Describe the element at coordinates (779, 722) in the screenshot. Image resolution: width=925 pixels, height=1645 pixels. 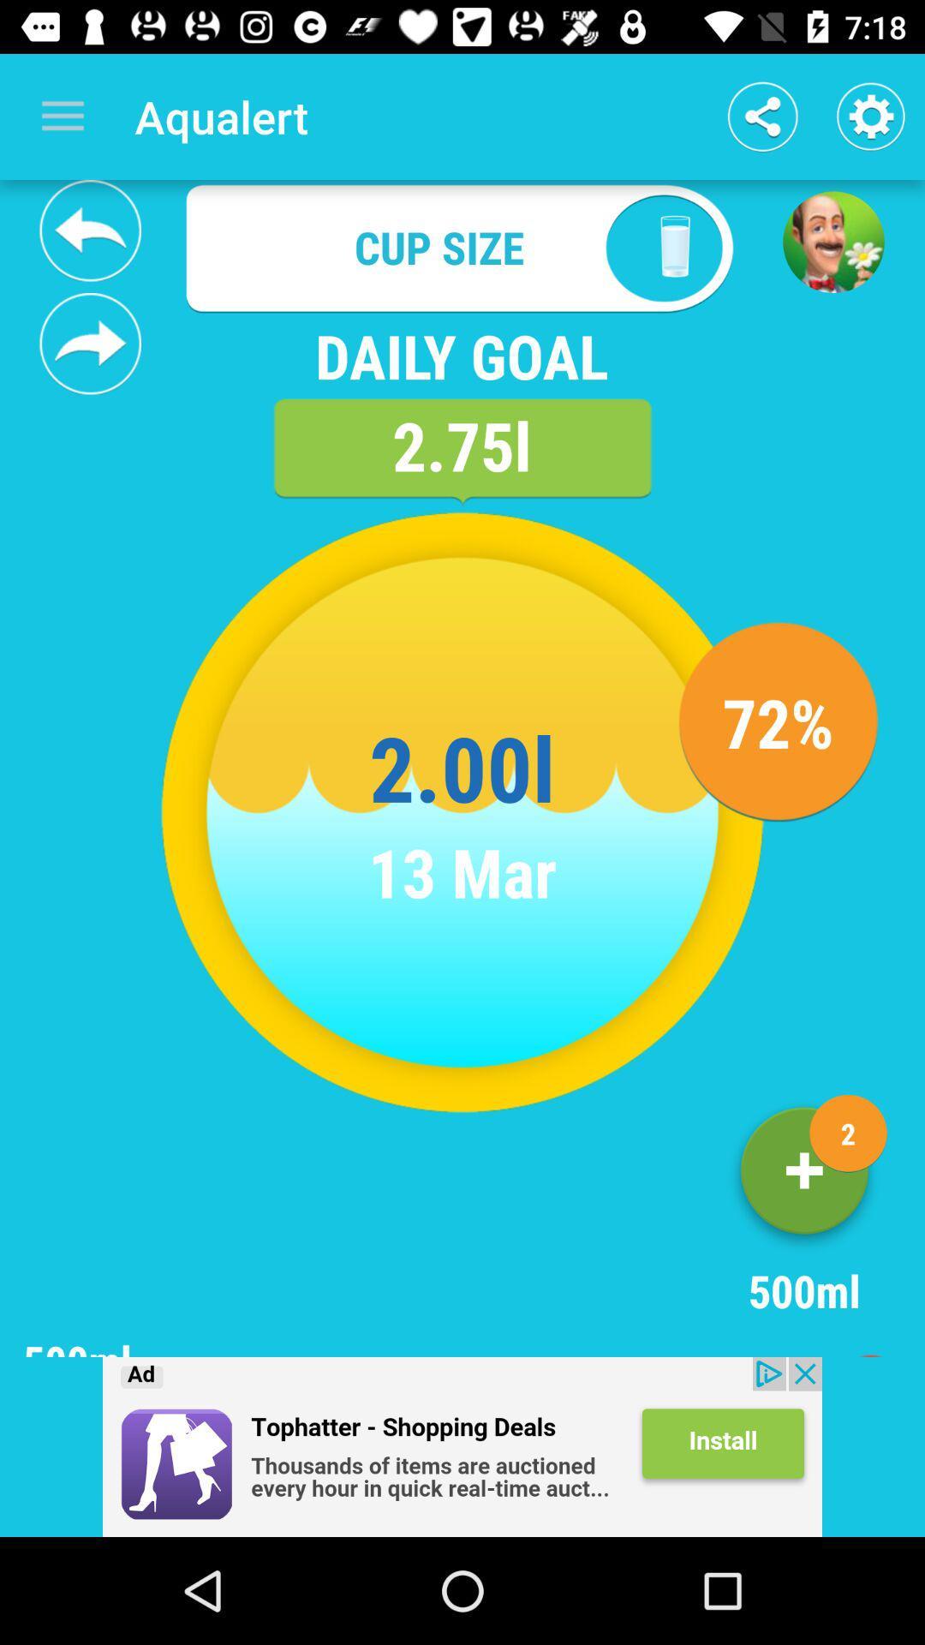
I see `the number 72 on the web page` at that location.